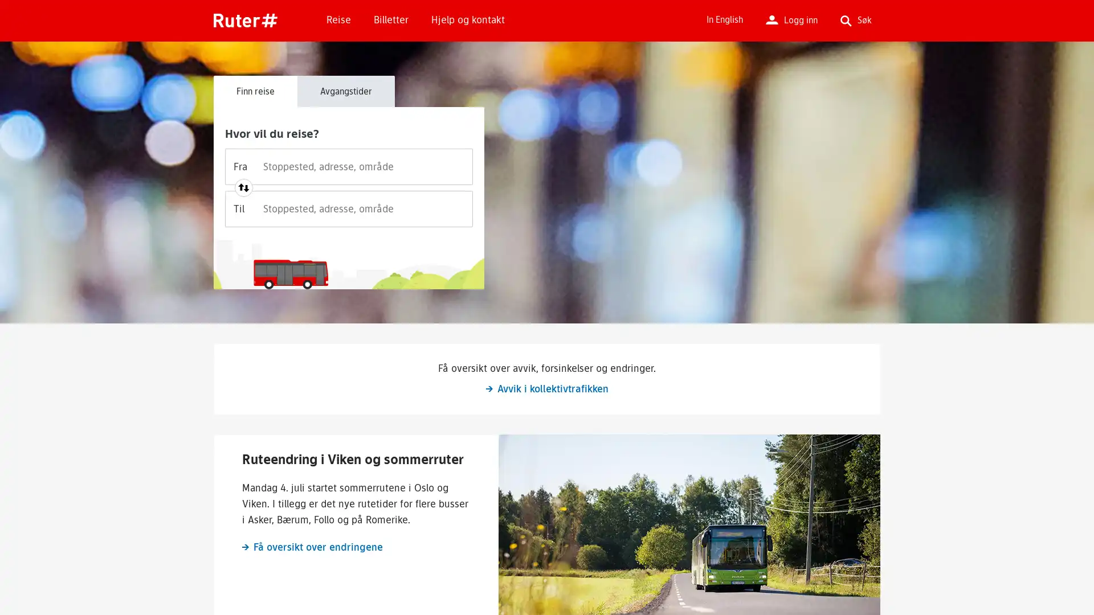 The height and width of the screenshot is (615, 1094). I want to click on Finn reise, so click(255, 90).